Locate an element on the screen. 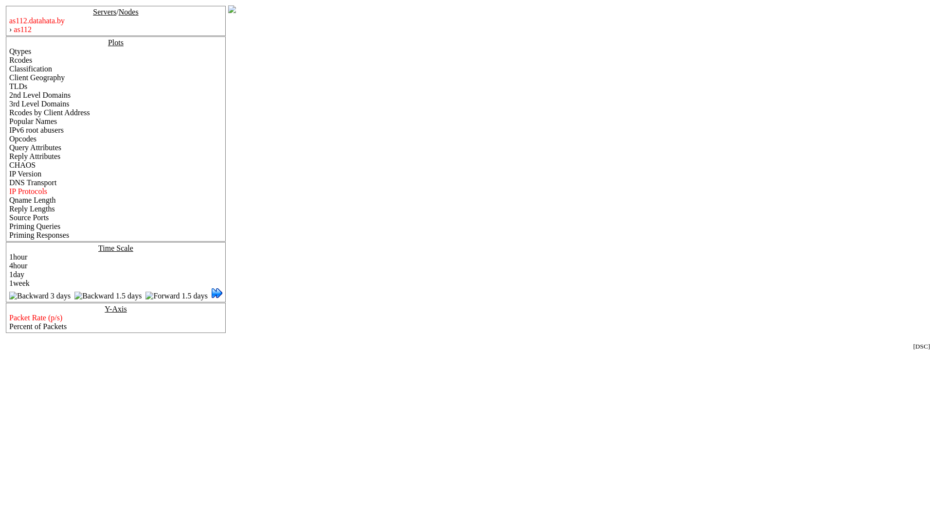  'Rcodes by Client Address' is located at coordinates (9, 112).